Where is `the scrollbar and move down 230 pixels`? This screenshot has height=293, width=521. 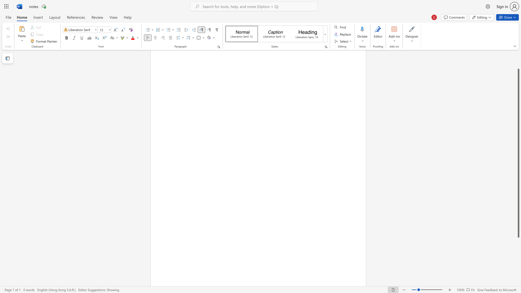
the scrollbar and move down 230 pixels is located at coordinates (518, 153).